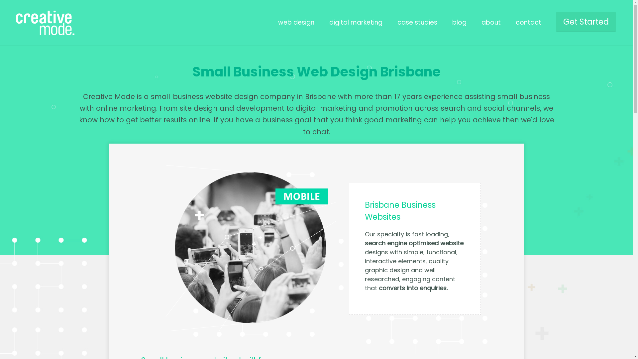  Describe the element at coordinates (528, 22) in the screenshot. I see `'contact'` at that location.